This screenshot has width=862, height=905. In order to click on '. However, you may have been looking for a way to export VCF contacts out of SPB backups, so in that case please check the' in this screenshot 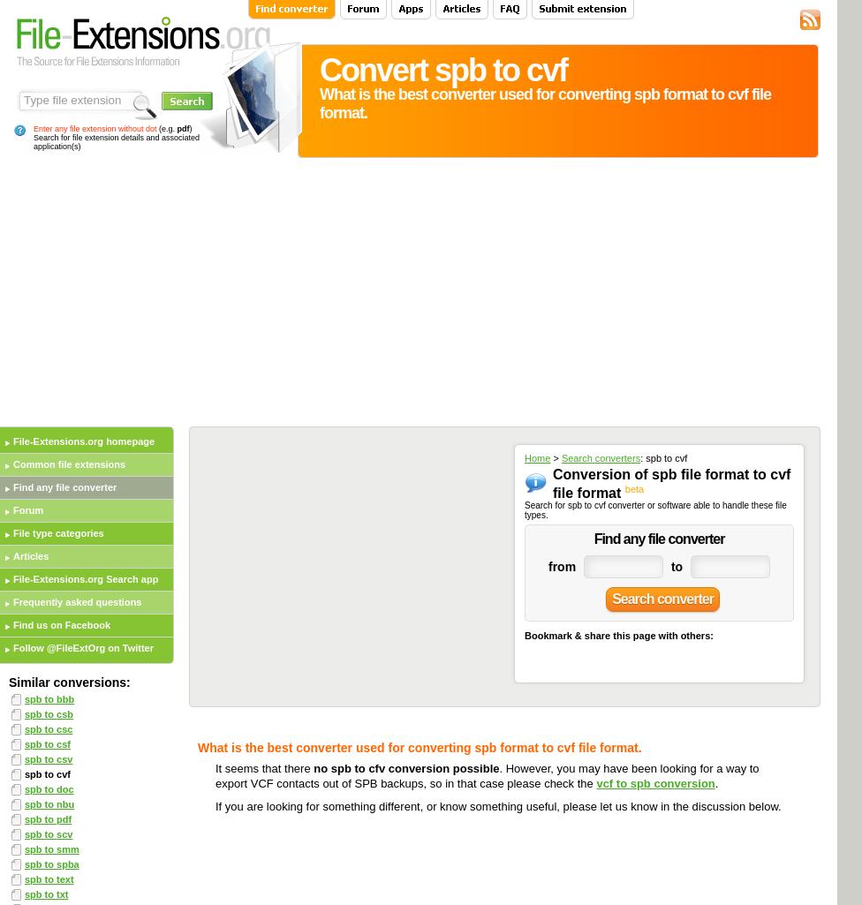, I will do `click(487, 775)`.